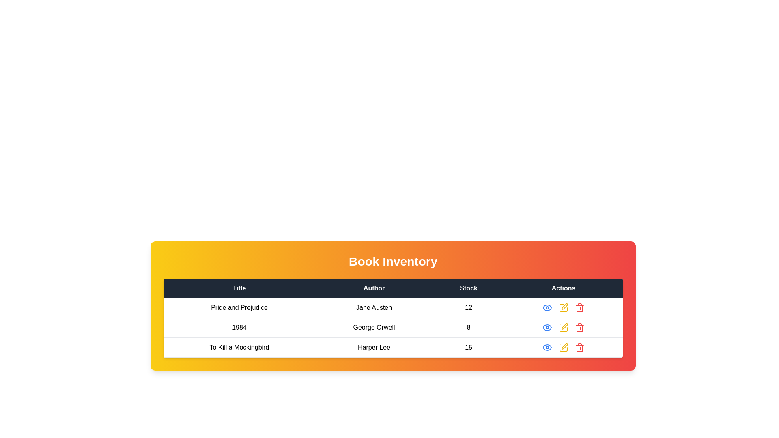  Describe the element at coordinates (547, 327) in the screenshot. I see `the eye-shaped icon with a blue color located in the 'Actions' column, second row of the table to preview details` at that location.